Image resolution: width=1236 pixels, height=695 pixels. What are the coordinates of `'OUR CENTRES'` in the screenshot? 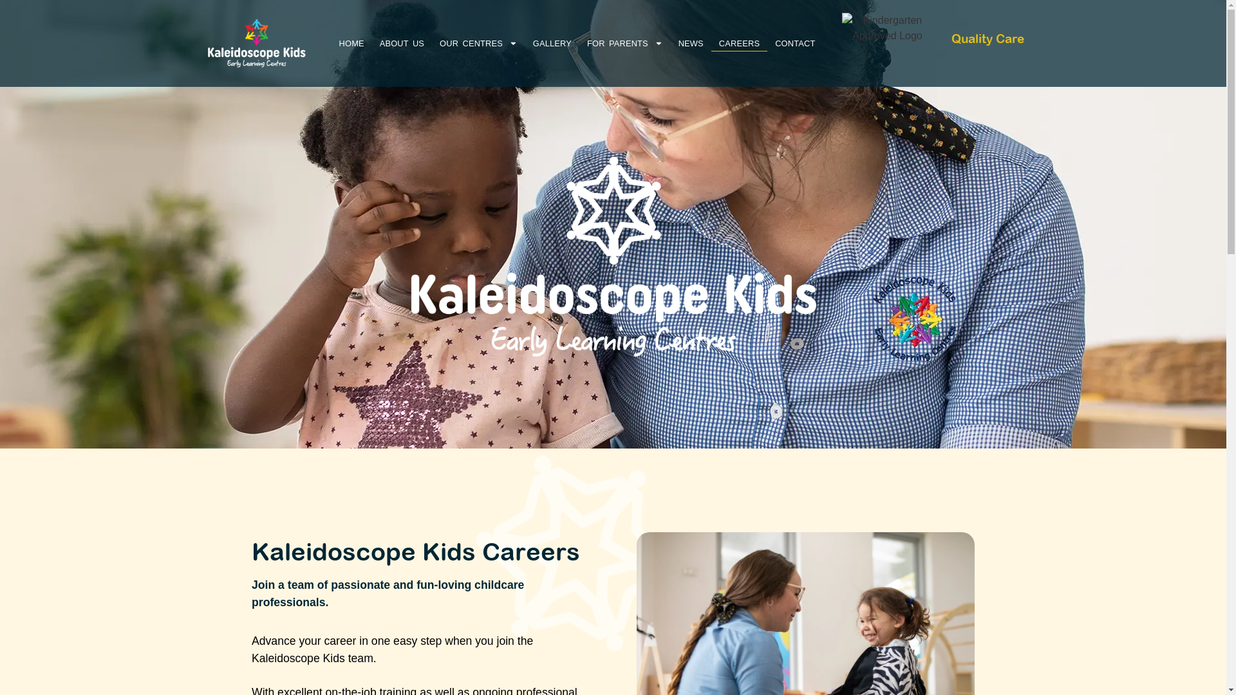 It's located at (432, 43).